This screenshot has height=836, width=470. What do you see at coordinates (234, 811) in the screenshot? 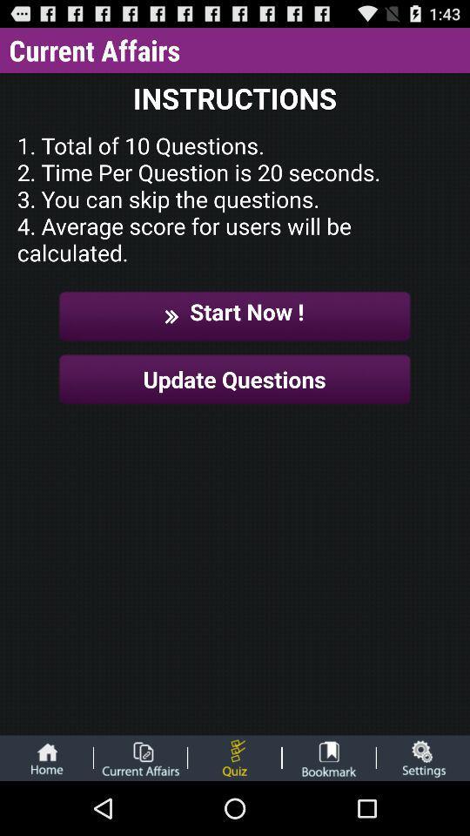
I see `the more icon` at bounding box center [234, 811].